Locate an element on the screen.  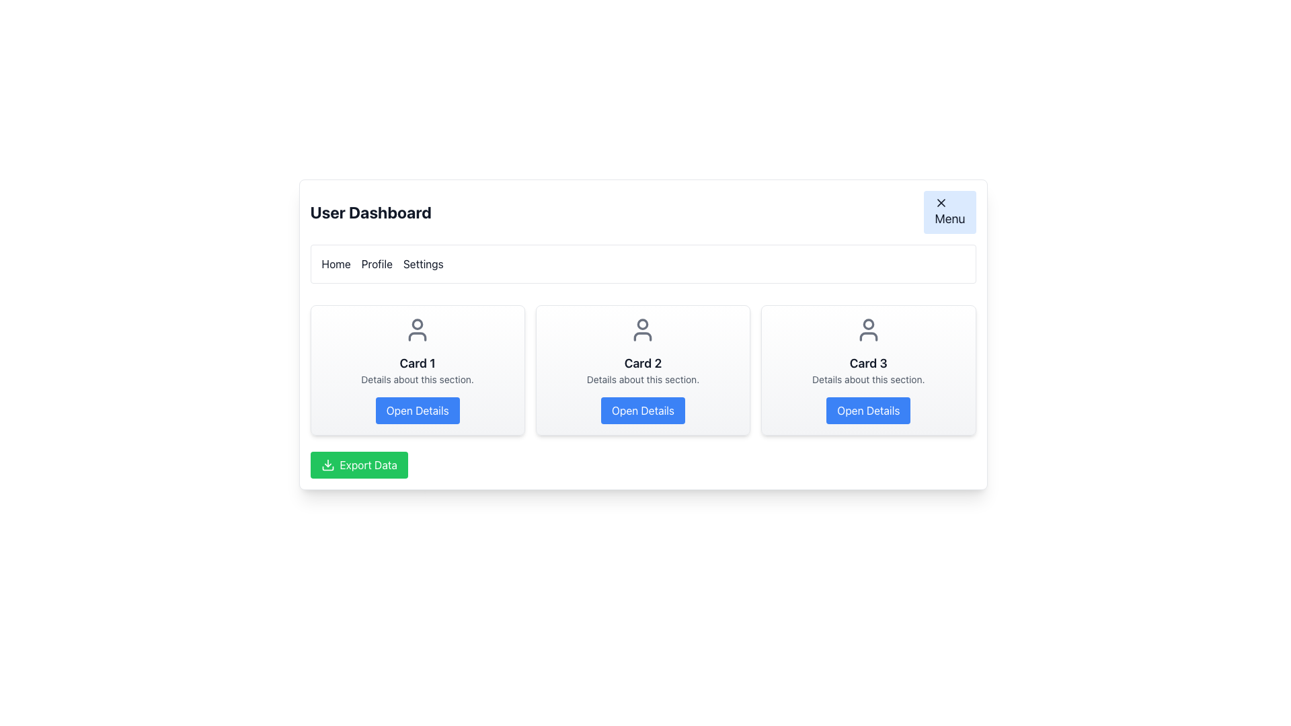
the blue rectangular button labeled 'Open Details' to observe the hover effect is located at coordinates (417, 409).